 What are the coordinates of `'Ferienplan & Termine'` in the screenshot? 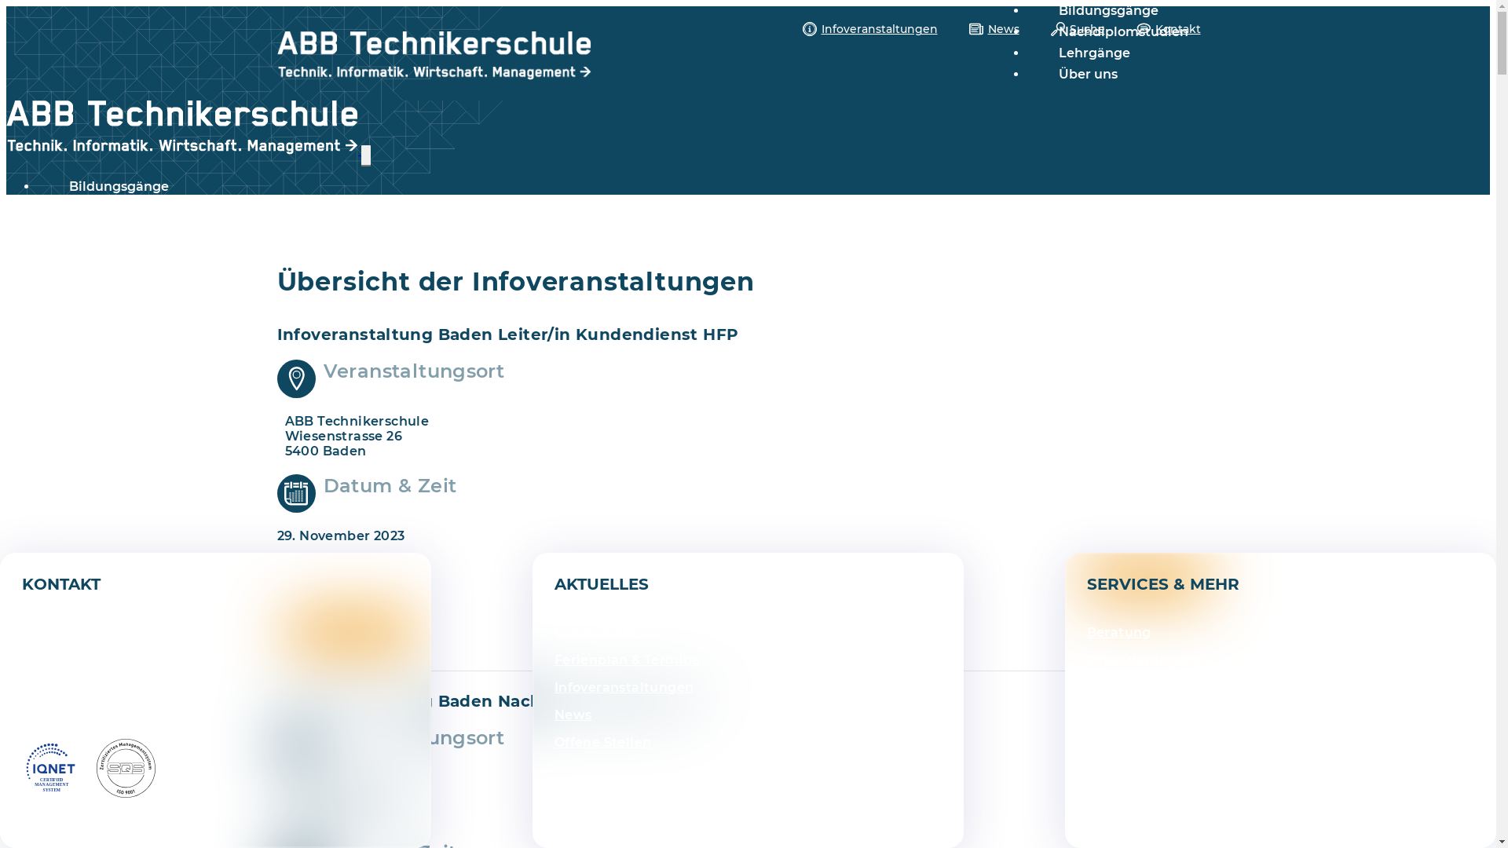 It's located at (626, 660).